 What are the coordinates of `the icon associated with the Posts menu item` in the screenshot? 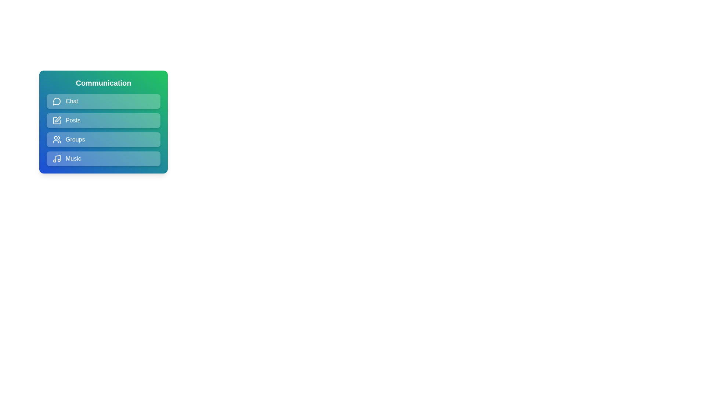 It's located at (56, 120).